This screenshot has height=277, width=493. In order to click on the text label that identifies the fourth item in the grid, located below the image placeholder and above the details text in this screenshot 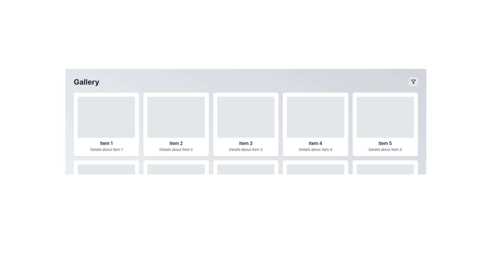, I will do `click(315, 143)`.